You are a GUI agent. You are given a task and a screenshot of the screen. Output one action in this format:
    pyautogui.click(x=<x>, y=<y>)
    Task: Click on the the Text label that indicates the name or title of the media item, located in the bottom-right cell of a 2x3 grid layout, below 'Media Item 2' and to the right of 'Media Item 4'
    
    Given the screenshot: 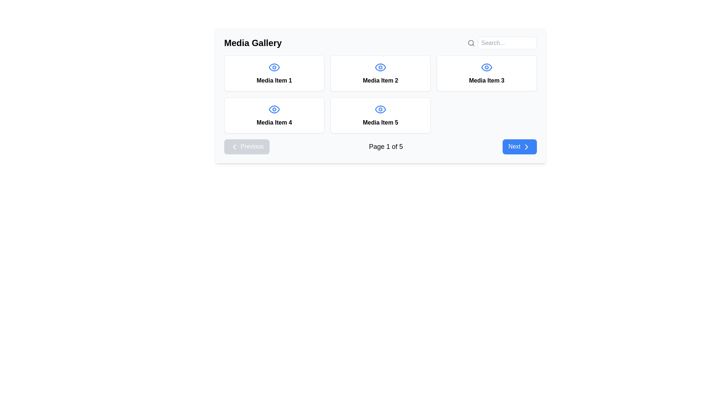 What is the action you would take?
    pyautogui.click(x=381, y=122)
    